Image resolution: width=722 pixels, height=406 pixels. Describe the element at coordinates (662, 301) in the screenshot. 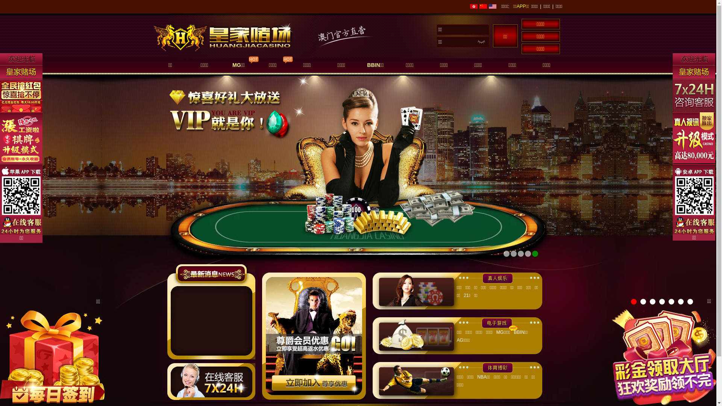

I see `'4'` at that location.